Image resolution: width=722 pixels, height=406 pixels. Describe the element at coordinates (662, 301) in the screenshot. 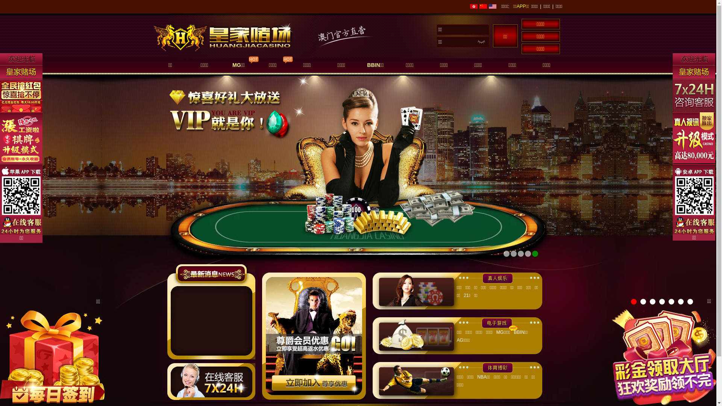

I see `'4'` at that location.